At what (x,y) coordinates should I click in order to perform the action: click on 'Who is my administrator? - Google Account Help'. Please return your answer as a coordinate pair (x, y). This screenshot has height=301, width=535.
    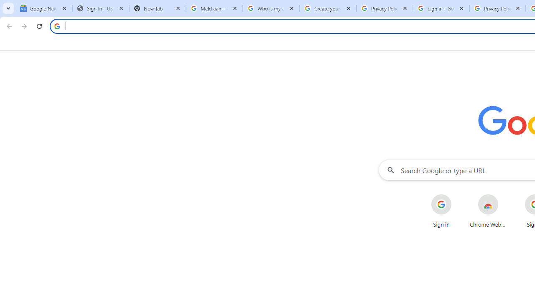
    Looking at the image, I should click on (271, 8).